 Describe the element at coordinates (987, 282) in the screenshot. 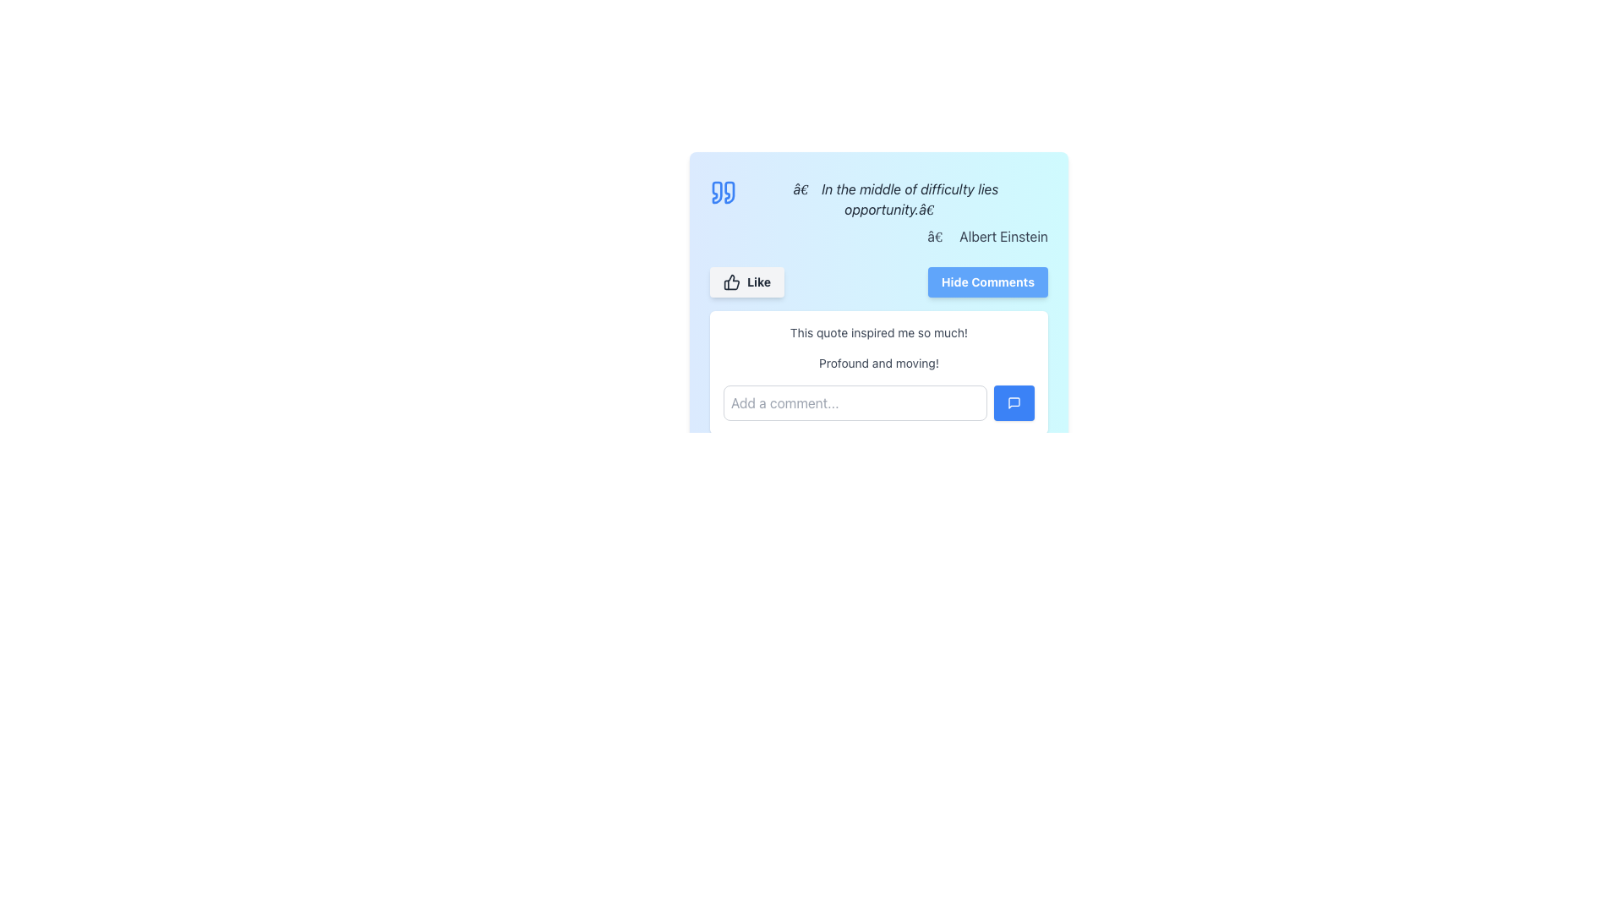

I see `the rectangular button with a blue background and white bold text reading 'Hide Comments' located in the upper-right portion of the card to hide comments` at that location.